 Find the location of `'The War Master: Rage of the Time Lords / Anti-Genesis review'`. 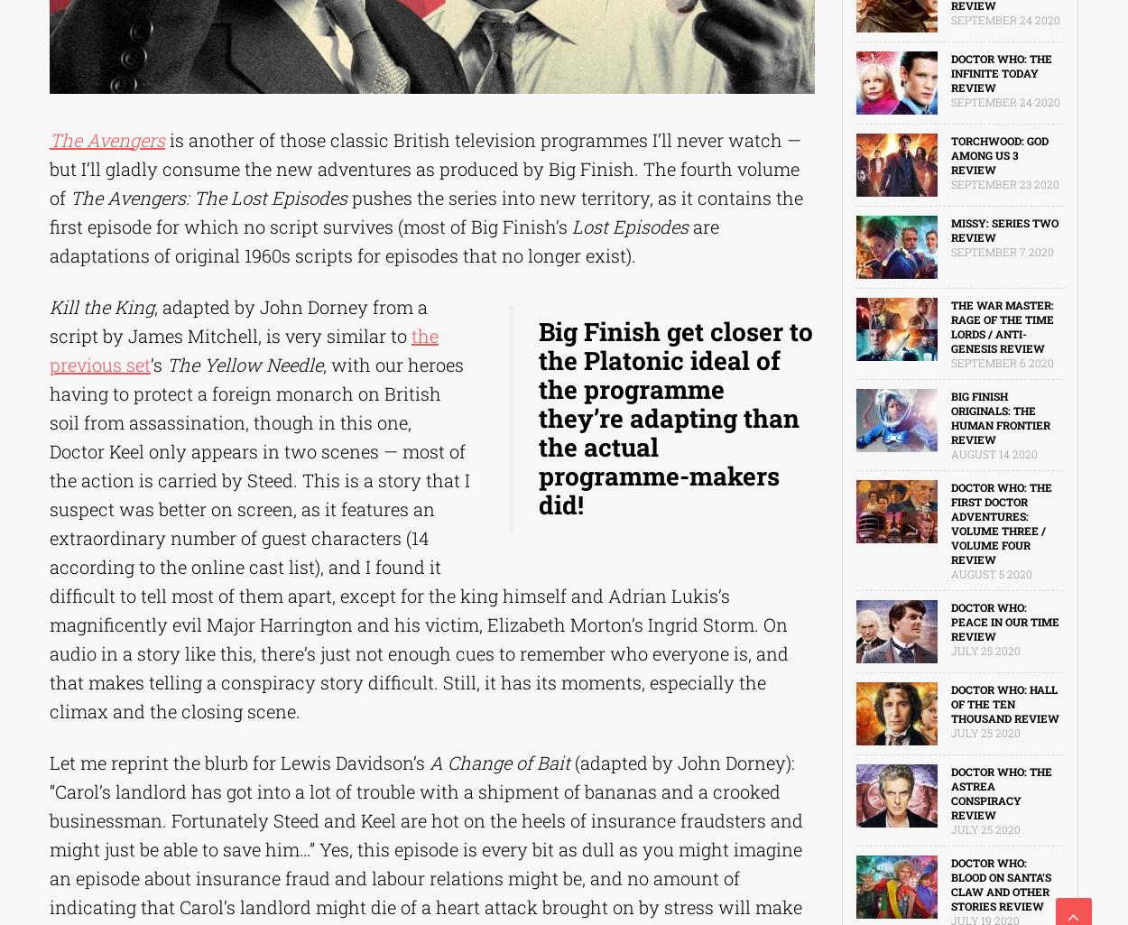

'The War Master: Rage of the Time Lords / Anti-Genesis review' is located at coordinates (1001, 326).